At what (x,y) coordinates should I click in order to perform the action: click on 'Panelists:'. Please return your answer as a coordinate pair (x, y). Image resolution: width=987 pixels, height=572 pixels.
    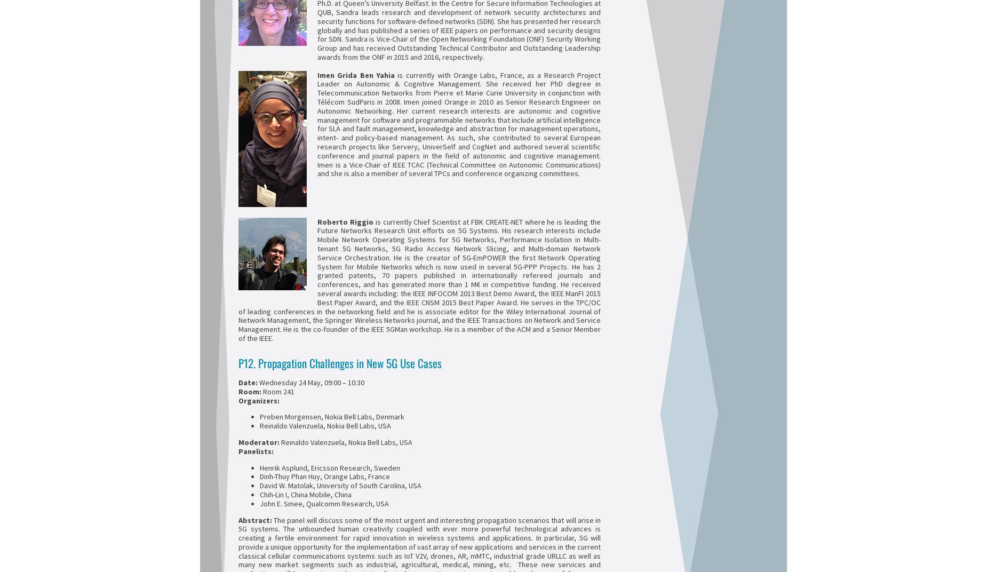
    Looking at the image, I should click on (256, 450).